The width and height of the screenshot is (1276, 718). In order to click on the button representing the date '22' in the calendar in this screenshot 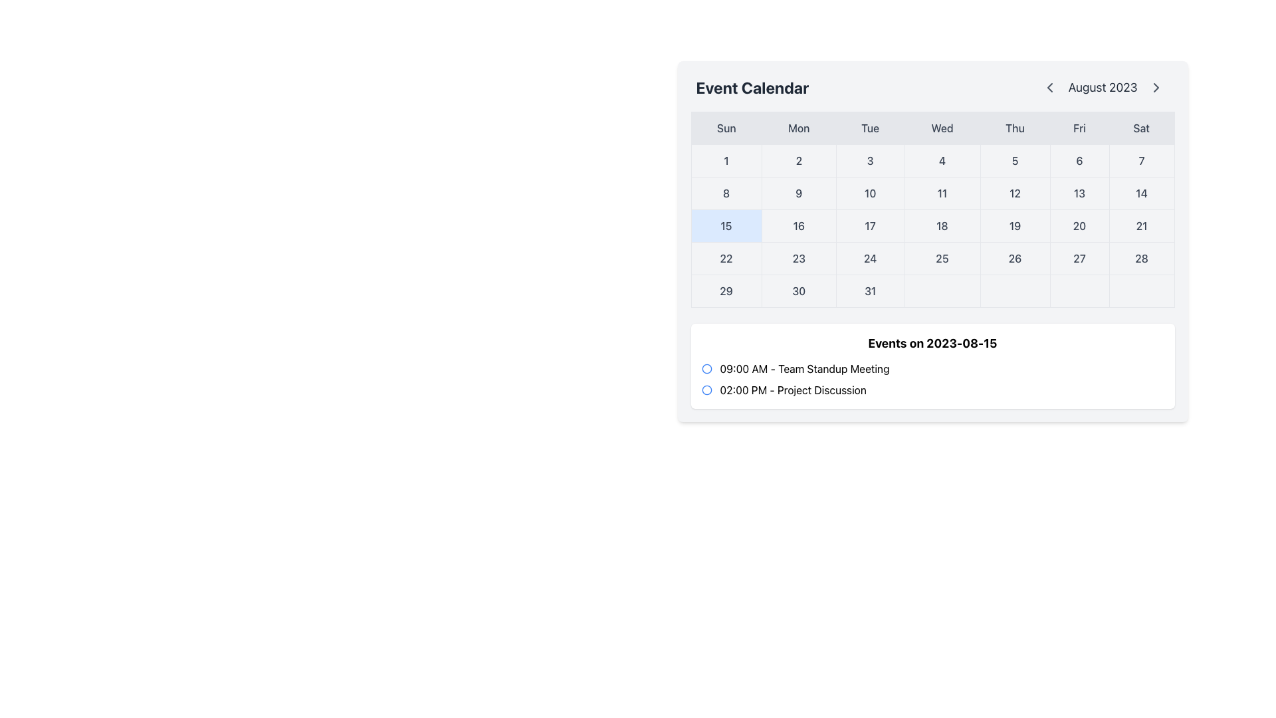, I will do `click(726, 259)`.